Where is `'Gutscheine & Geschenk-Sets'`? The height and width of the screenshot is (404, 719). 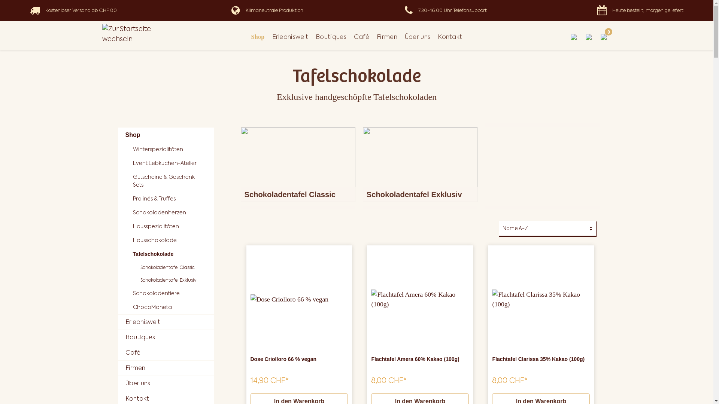 'Gutscheine & Geschenk-Sets' is located at coordinates (169, 181).